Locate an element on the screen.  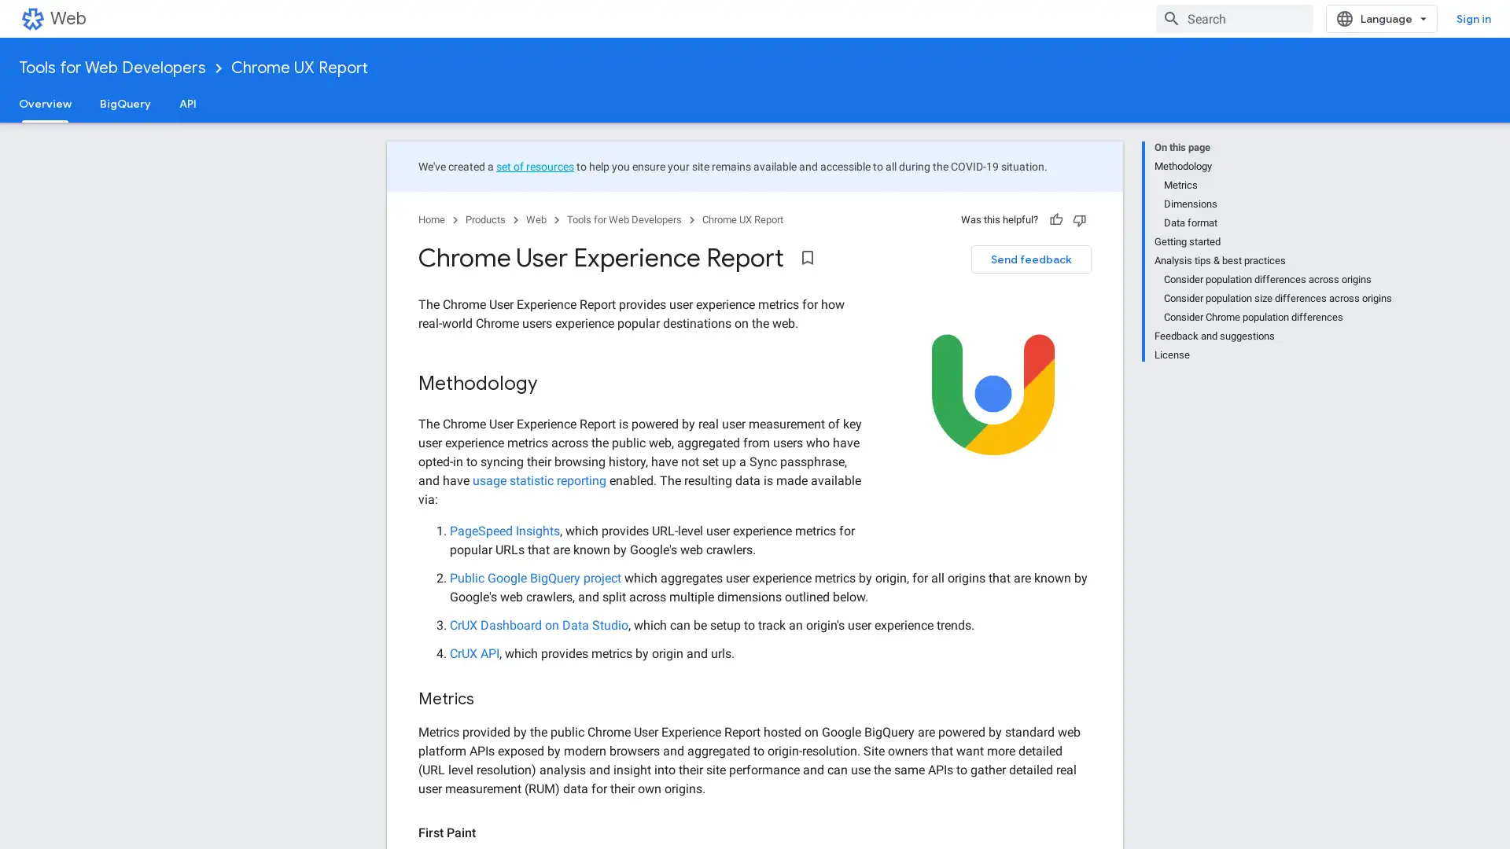
Copy link to this section: Metrics is located at coordinates (489, 699).